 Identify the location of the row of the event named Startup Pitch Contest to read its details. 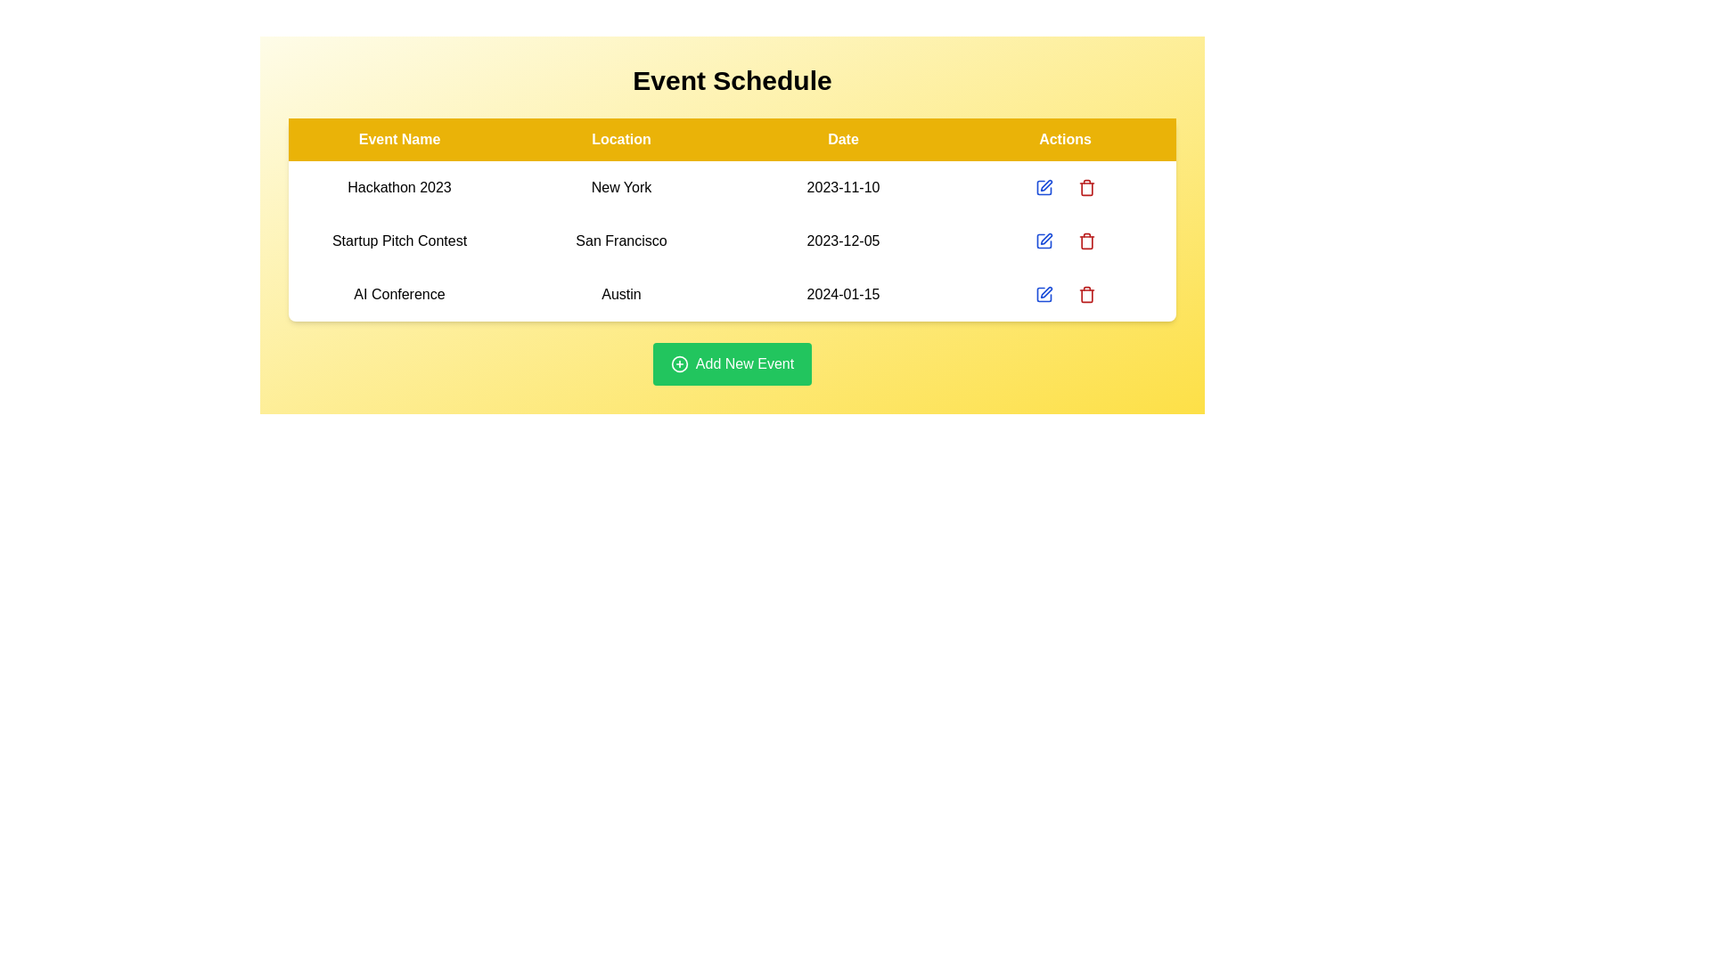
(398, 240).